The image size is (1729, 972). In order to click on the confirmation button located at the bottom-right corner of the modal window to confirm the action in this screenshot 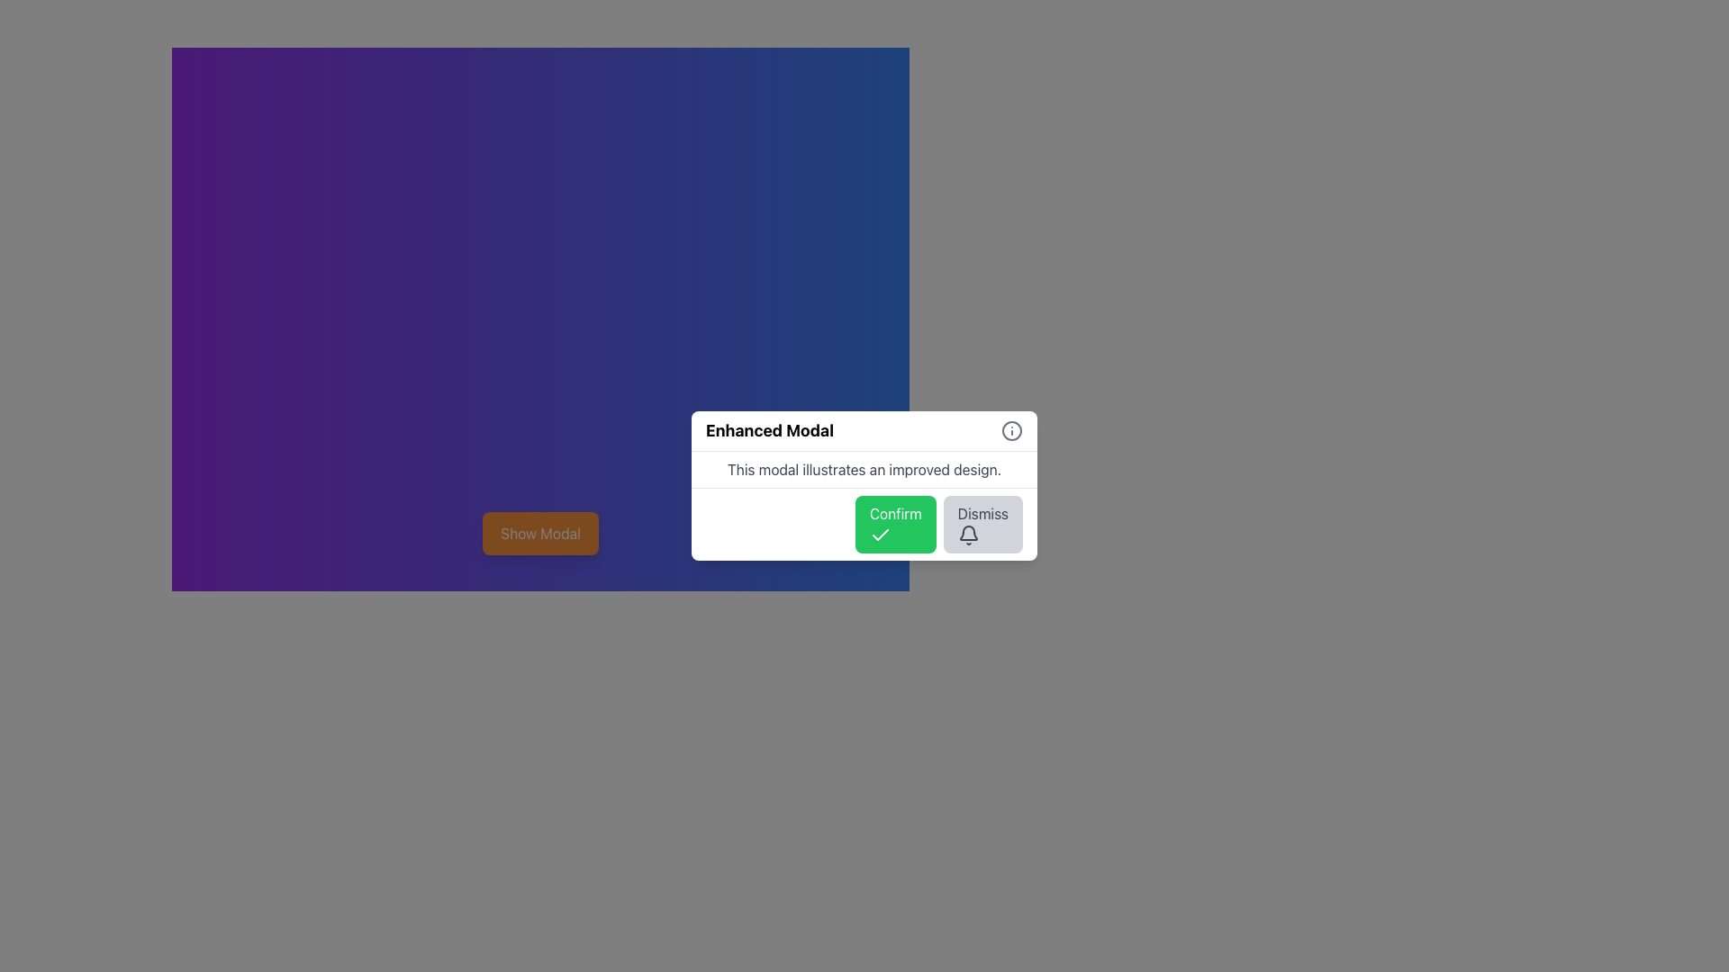, I will do `click(864, 524)`.